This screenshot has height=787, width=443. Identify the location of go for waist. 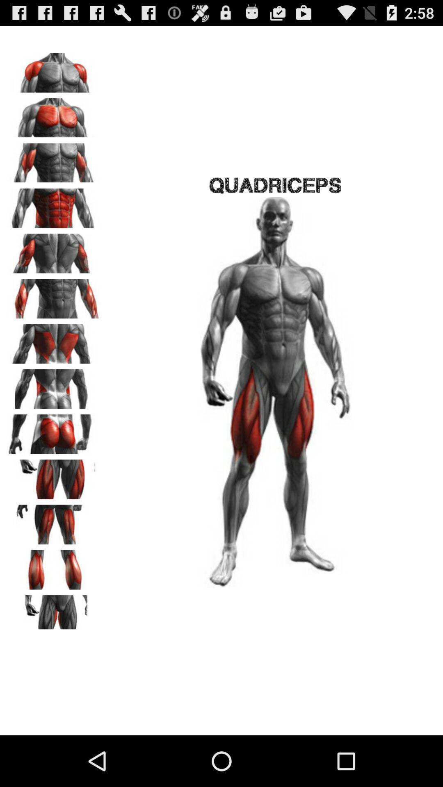
(54, 386).